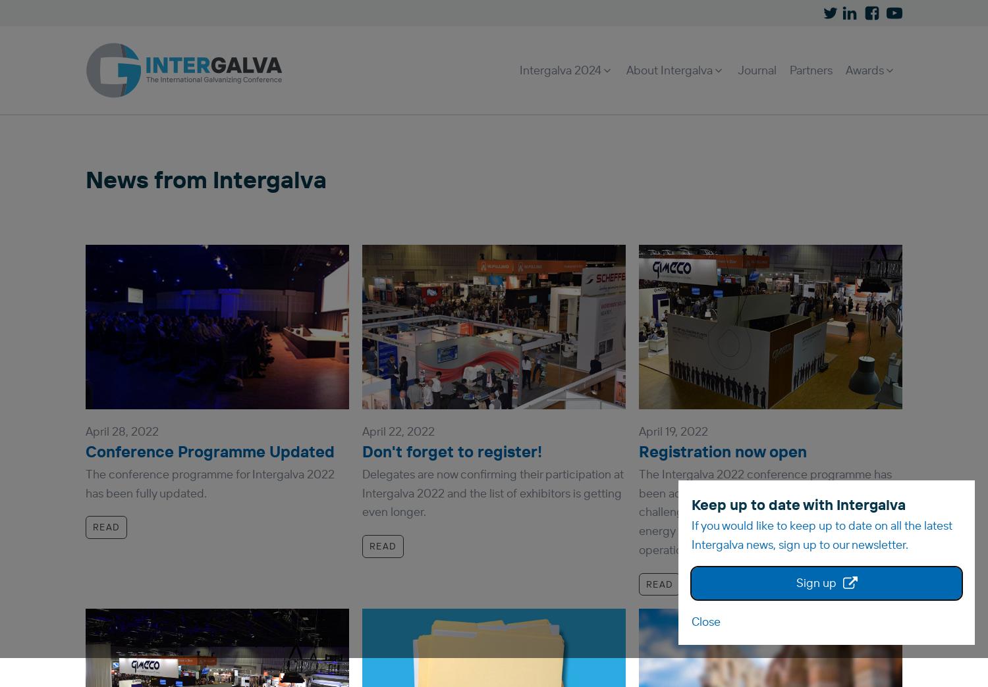 The image size is (988, 687). Describe the element at coordinates (492, 492) in the screenshot. I see `'Delegates are now confirming their participation at Intergalva 2022 and the list of exhibitors is getting even longer.'` at that location.